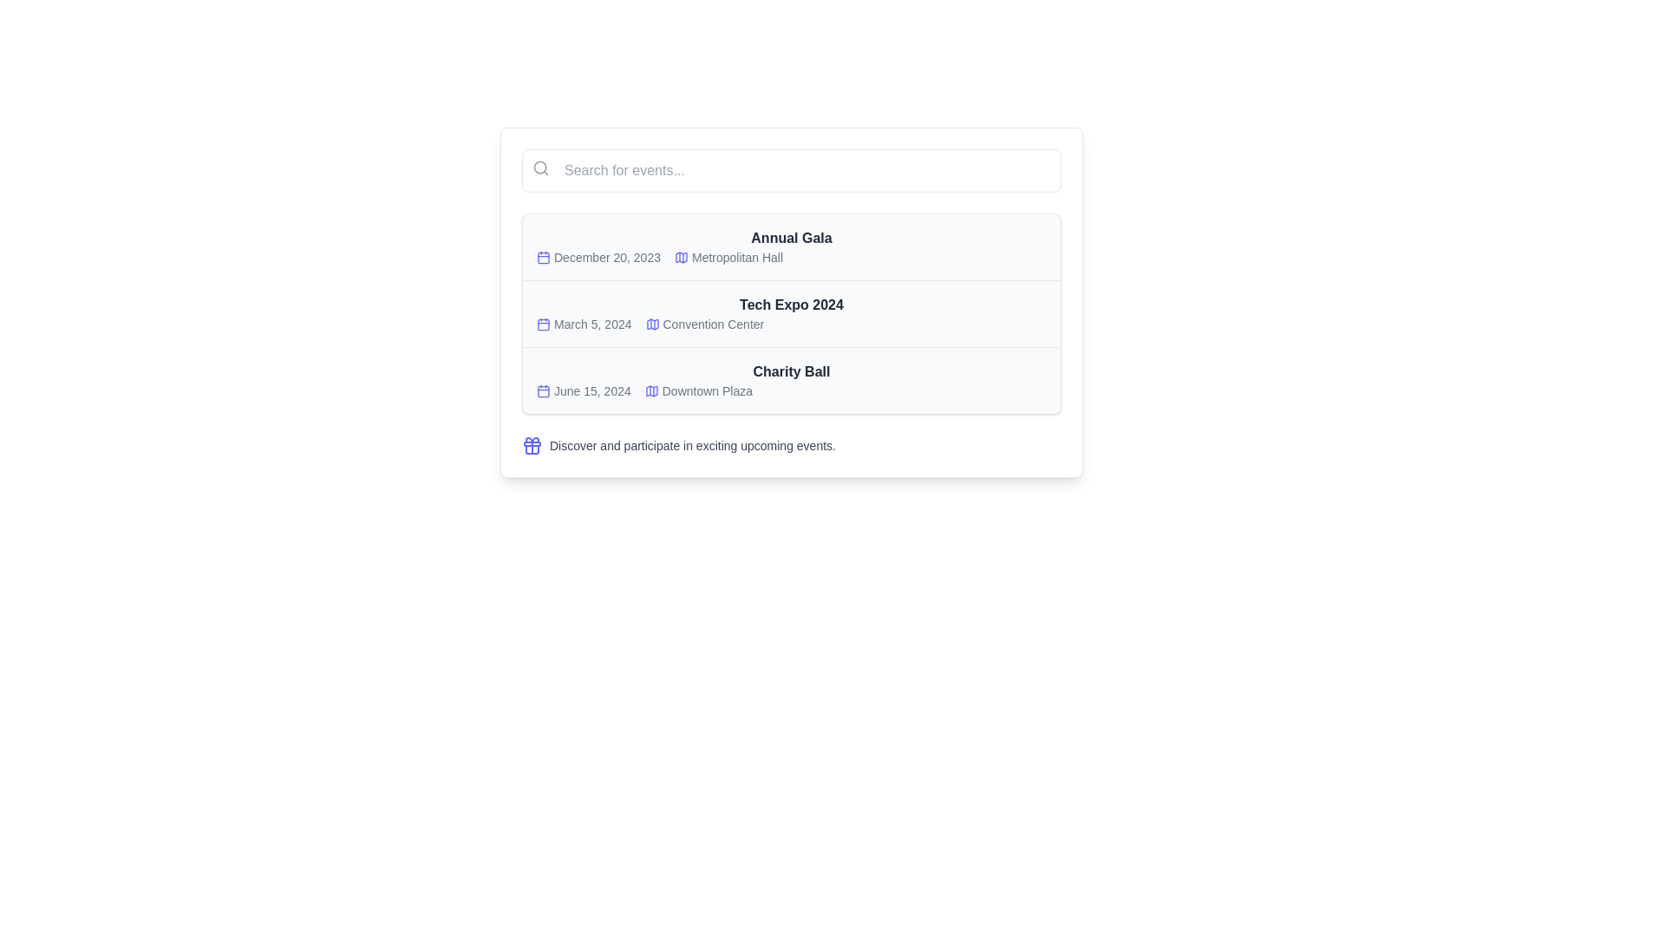 This screenshot has width=1665, height=937. Describe the element at coordinates (704, 324) in the screenshot. I see `the link labeled 'Convention Center' with an indigo icon` at that location.